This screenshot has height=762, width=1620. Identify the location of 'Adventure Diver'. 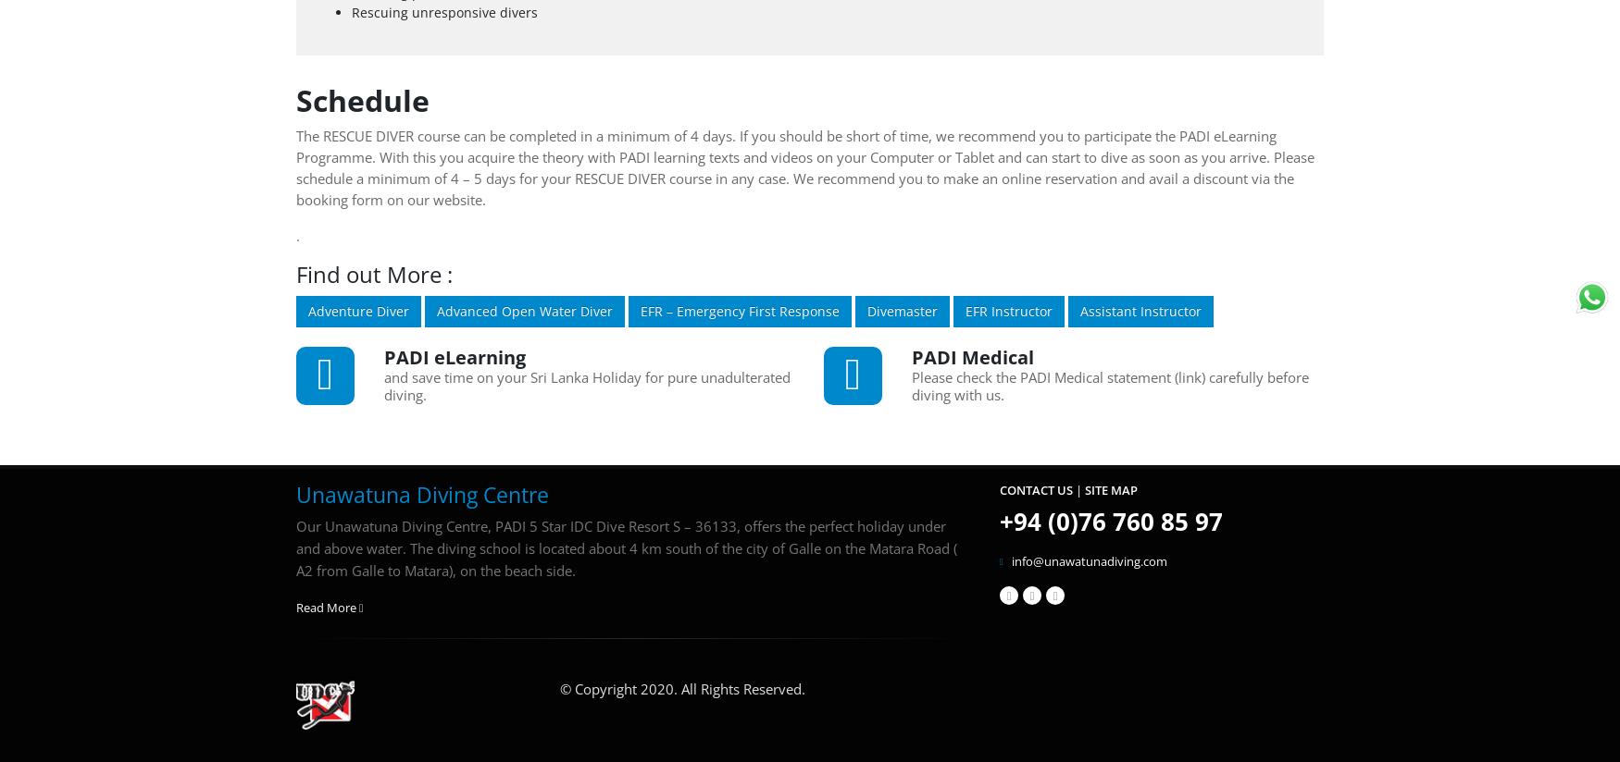
(357, 310).